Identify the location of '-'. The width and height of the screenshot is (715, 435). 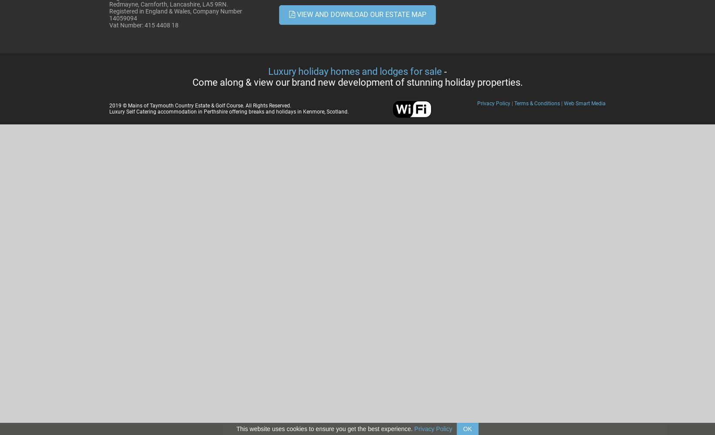
(444, 71).